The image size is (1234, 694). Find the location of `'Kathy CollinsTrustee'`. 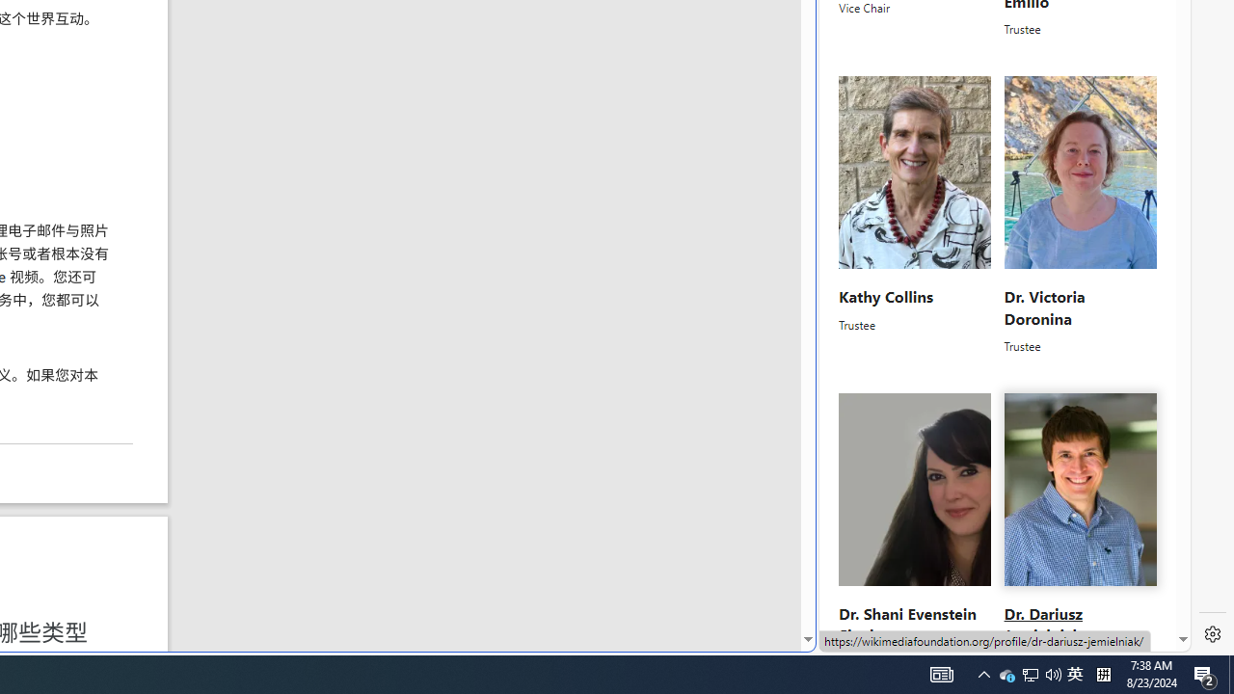

'Kathy CollinsTrustee' is located at coordinates (914, 215).